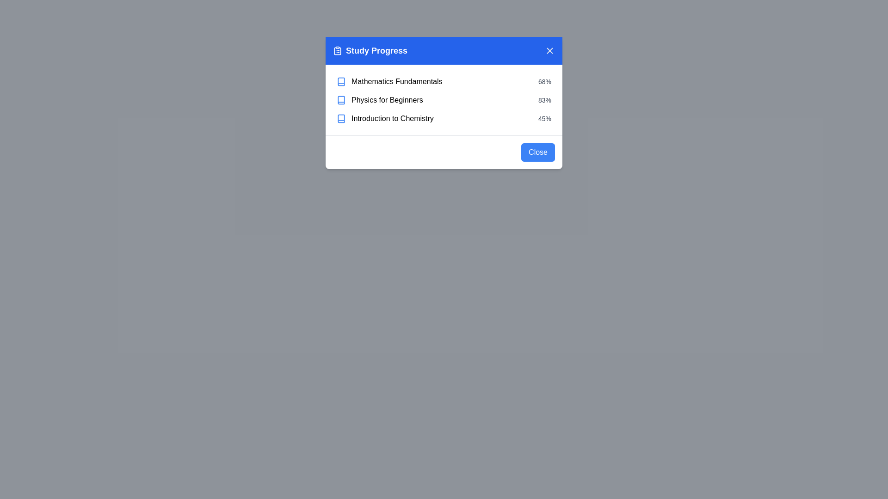  Describe the element at coordinates (341, 81) in the screenshot. I see `the leftmost icon associated with 'Mathematics Fundamentals' in the study progress panel` at that location.